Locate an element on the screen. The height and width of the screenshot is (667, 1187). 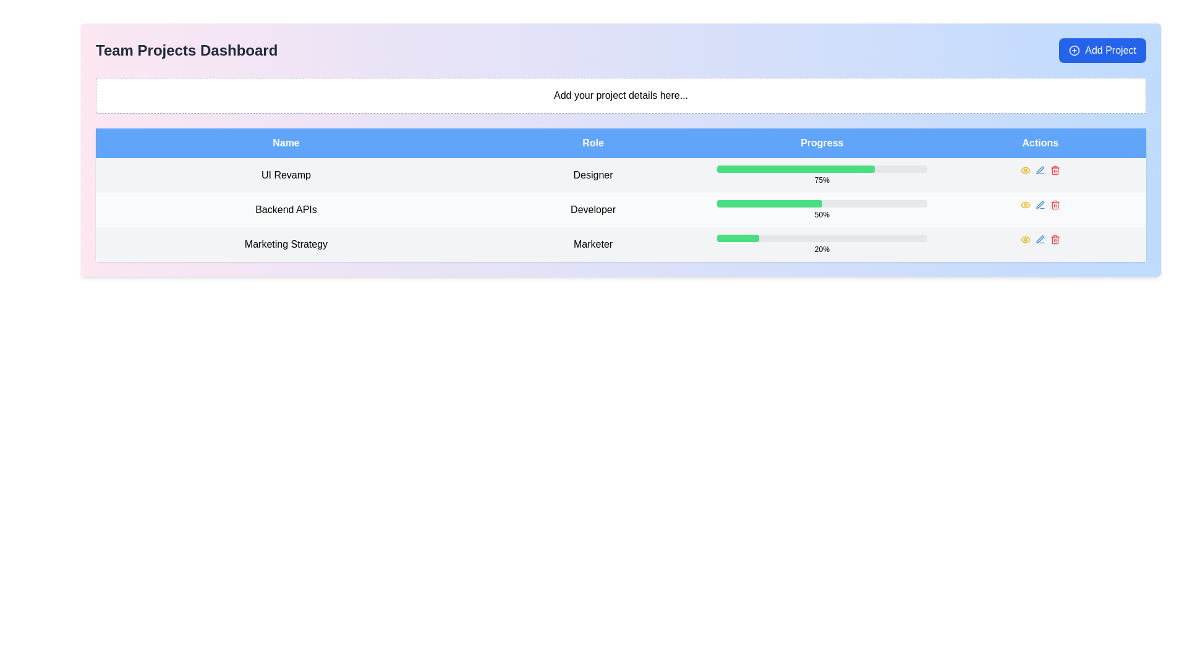
the icon button in the 'Actions' column of the third row to initiate editing for the 'Marketing Strategy' item is located at coordinates (1039, 240).